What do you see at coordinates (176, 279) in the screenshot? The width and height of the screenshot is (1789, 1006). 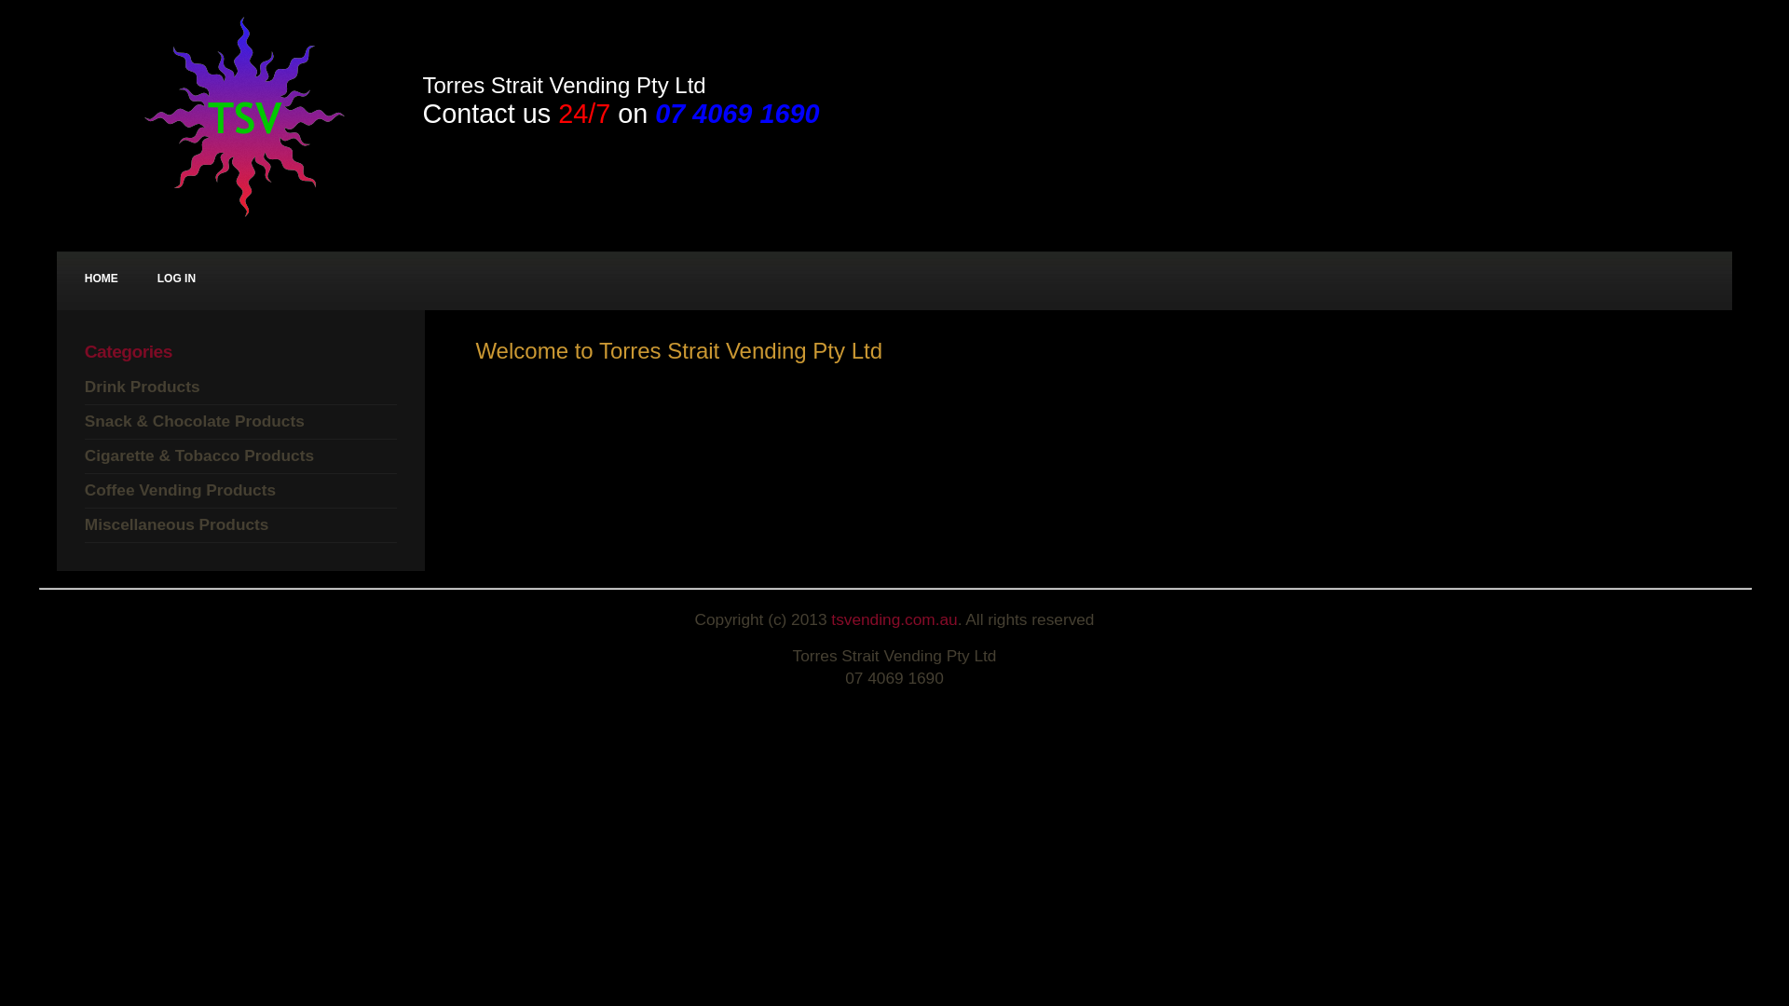 I see `'LOG IN'` at bounding box center [176, 279].